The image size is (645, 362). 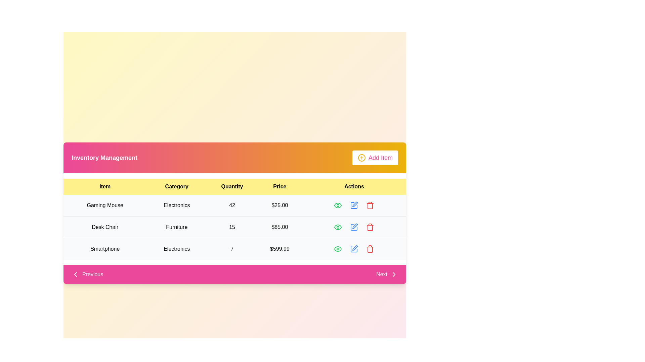 I want to click on the decorative graphical indicator located at the bottom-left corner of the interface, adjacent to the 'Previous' button, so click(x=76, y=274).